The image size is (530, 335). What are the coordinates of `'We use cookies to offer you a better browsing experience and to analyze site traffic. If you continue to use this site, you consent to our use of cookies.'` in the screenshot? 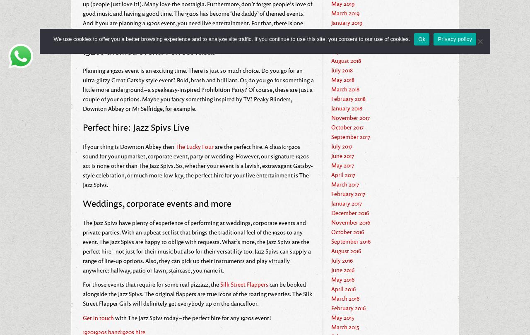 It's located at (231, 39).